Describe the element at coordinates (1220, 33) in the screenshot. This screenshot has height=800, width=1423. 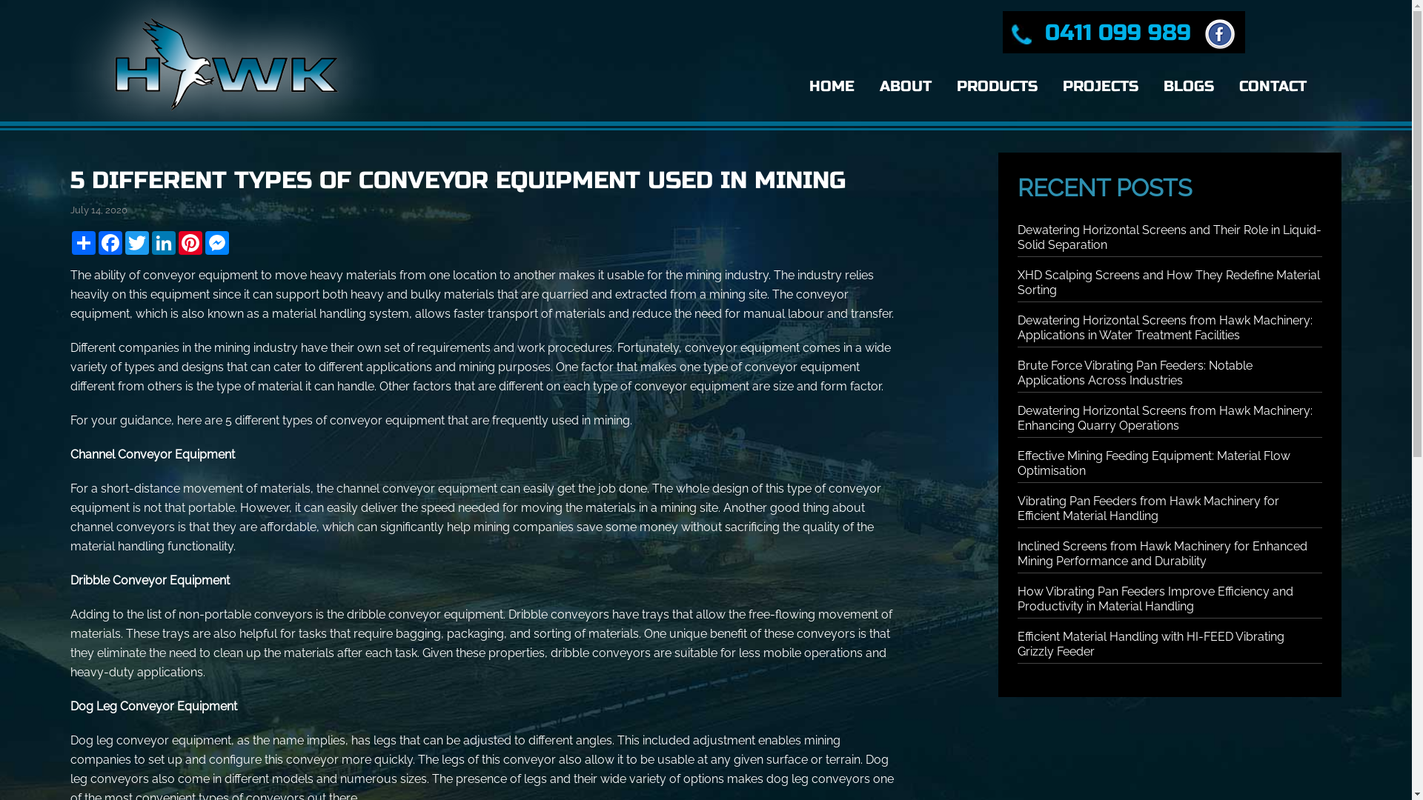
I see `'facebook'` at that location.